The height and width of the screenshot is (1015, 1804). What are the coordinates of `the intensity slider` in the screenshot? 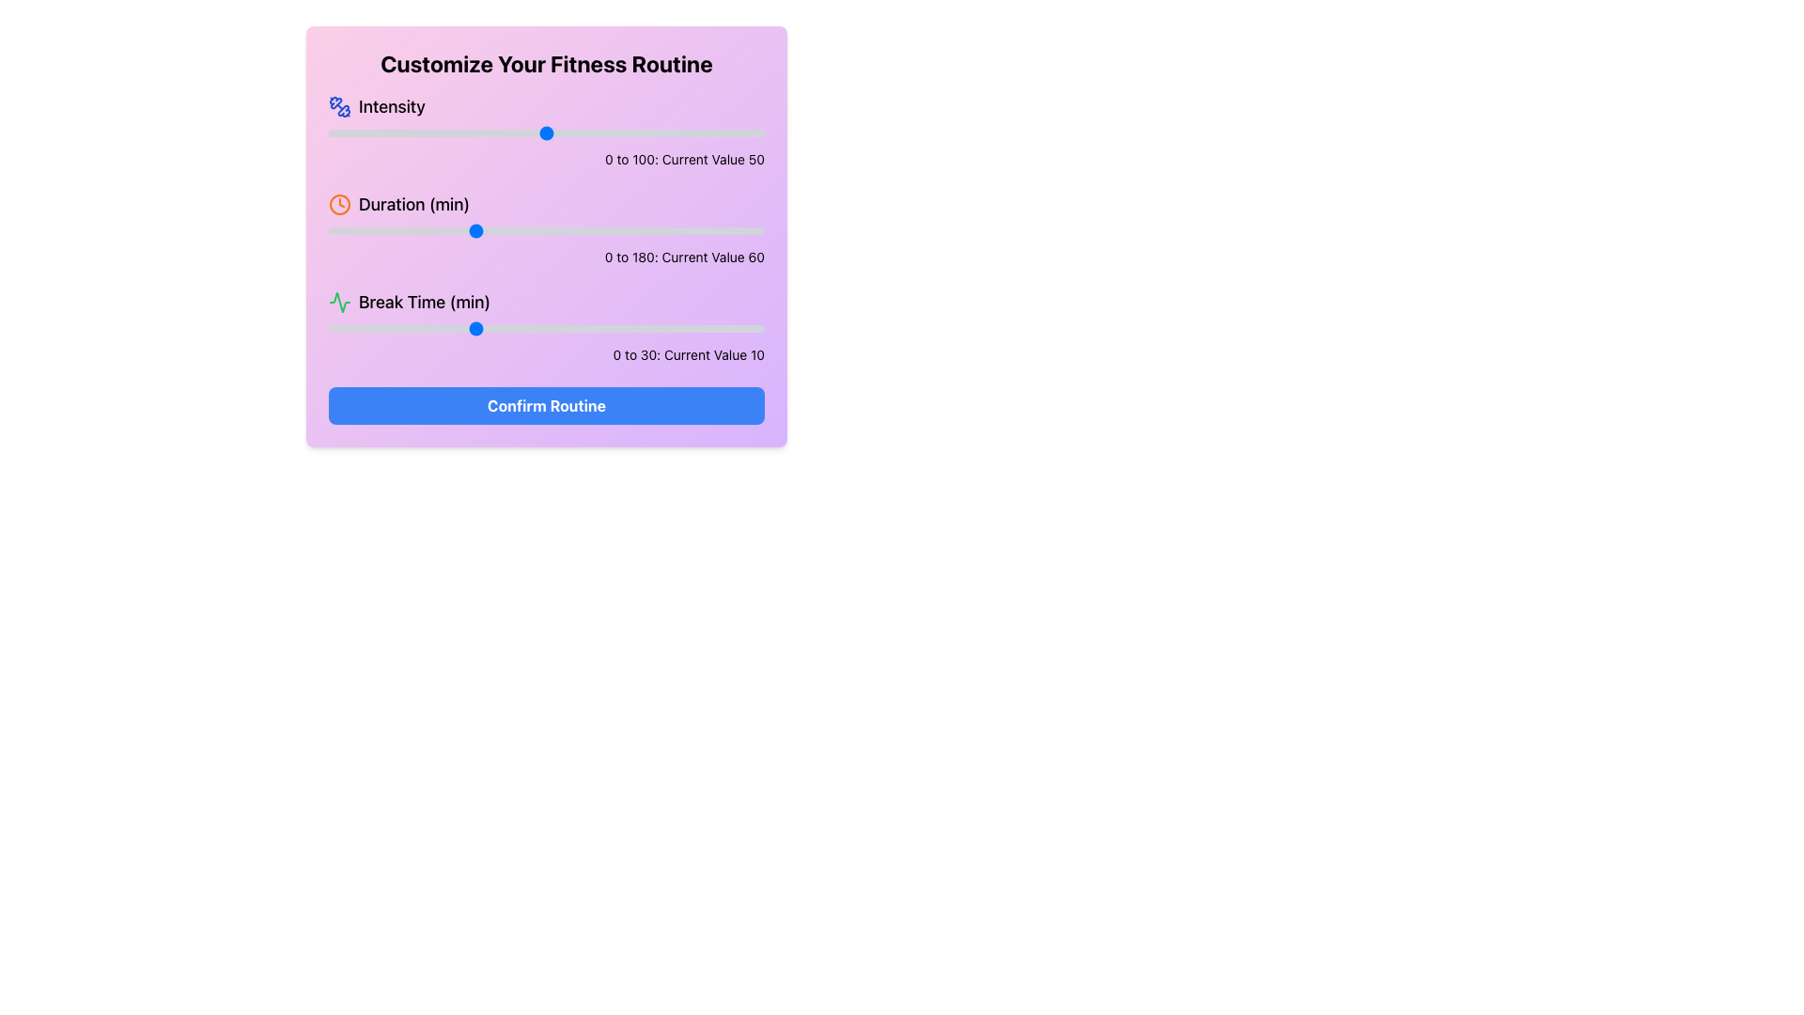 It's located at (733, 133).